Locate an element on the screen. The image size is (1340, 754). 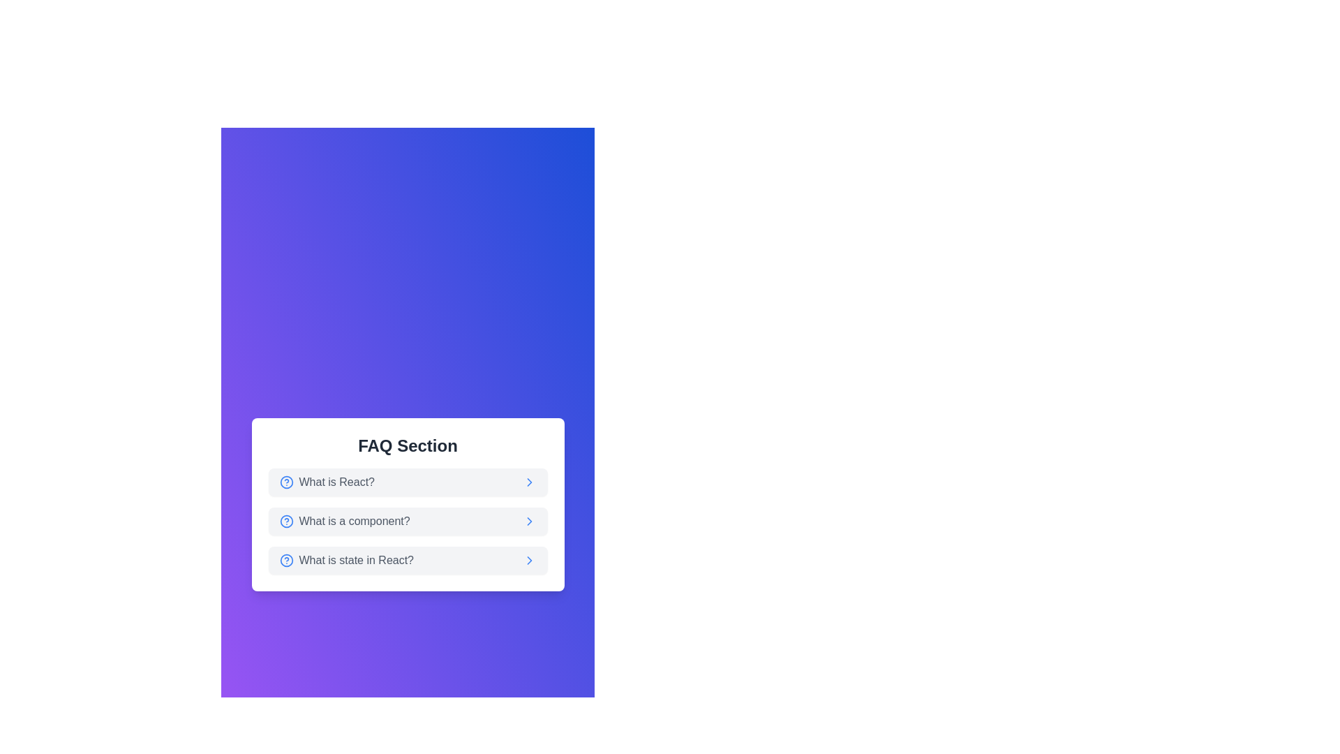
the help icon located to the left of the text 'What is React?' is located at coordinates (285, 481).